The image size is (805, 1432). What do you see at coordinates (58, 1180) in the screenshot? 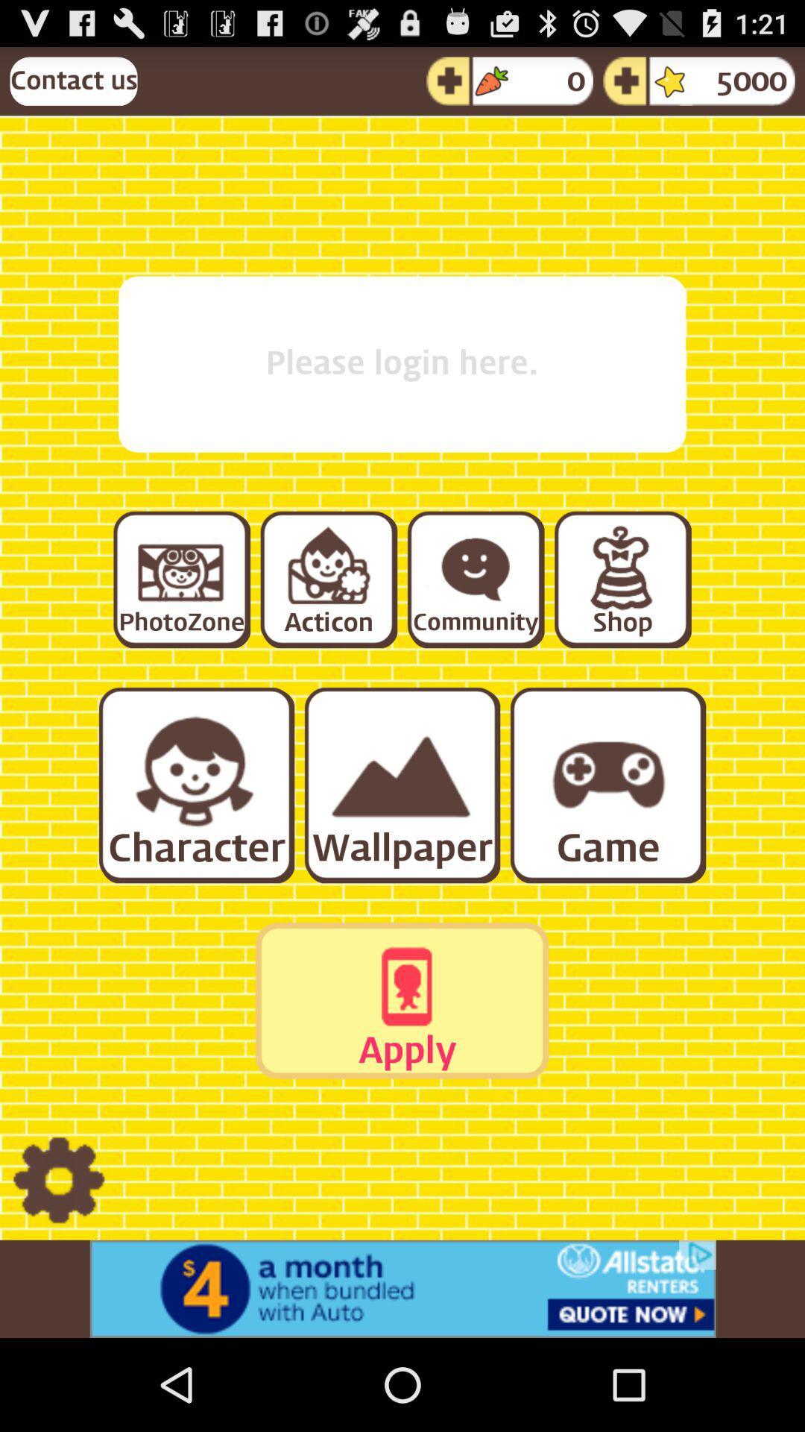
I see `settings` at bounding box center [58, 1180].